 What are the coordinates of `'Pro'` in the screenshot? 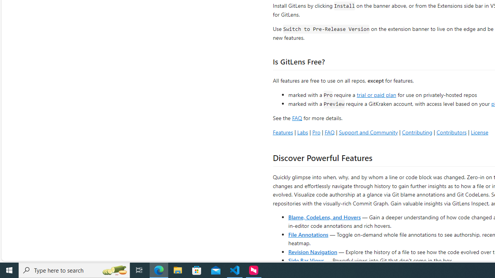 It's located at (316, 132).